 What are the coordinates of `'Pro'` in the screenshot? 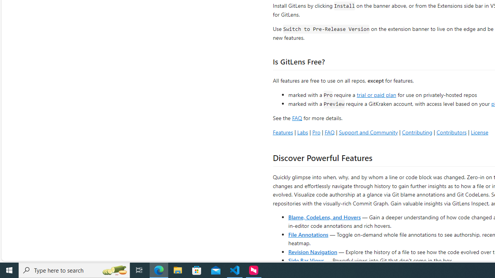 It's located at (316, 132).